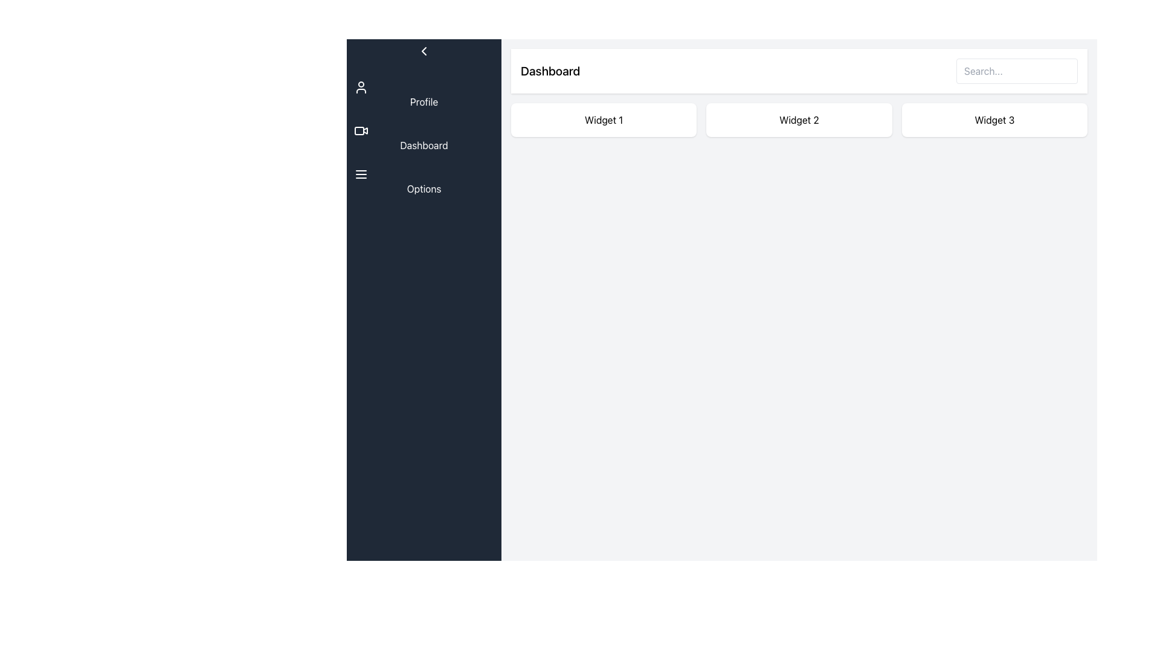 The width and height of the screenshot is (1160, 652). Describe the element at coordinates (359, 130) in the screenshot. I see `the rectangular body portion of the video camera icon located in the sidebar navigation, which is situated below the profile icon and above the menu button` at that location.